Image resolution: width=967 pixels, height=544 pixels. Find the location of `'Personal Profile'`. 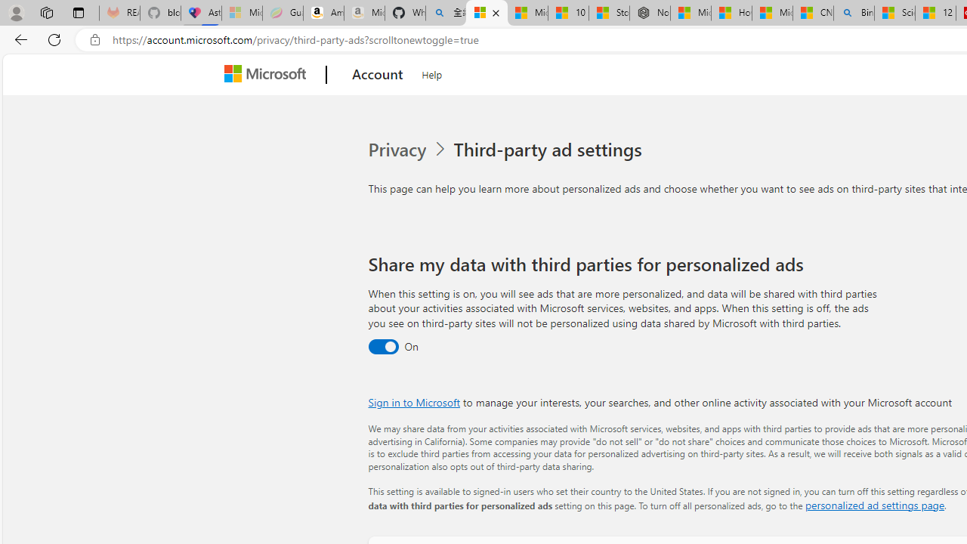

'Personal Profile' is located at coordinates (16, 12).